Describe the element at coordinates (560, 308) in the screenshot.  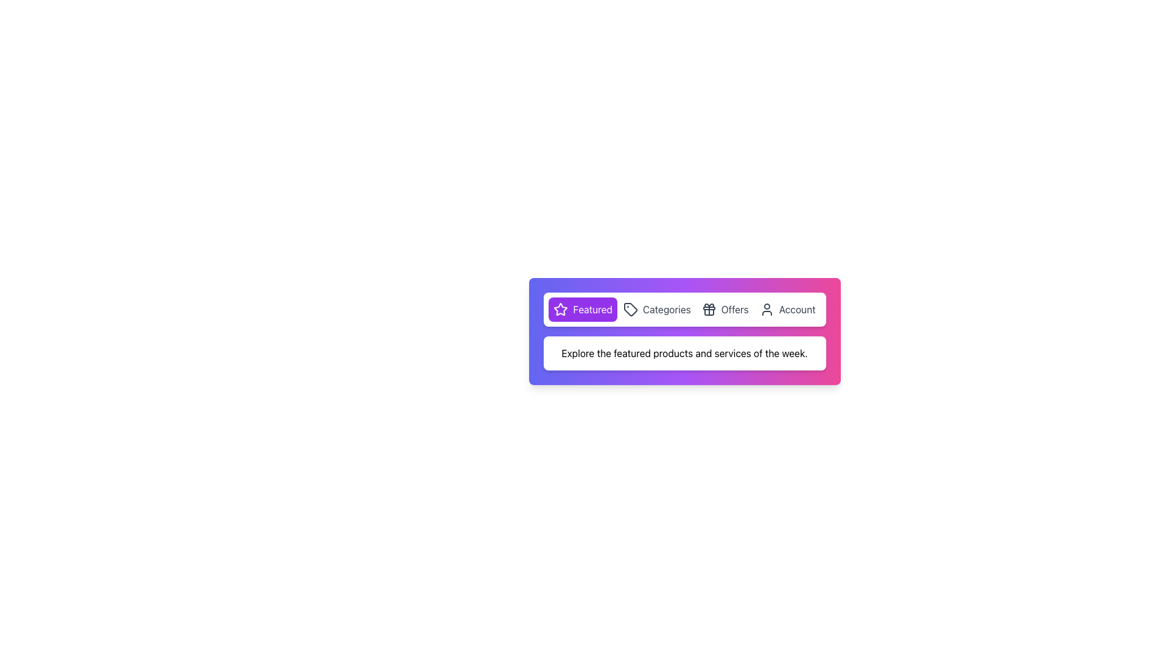
I see `the star icon located in the 'Featured' button` at that location.